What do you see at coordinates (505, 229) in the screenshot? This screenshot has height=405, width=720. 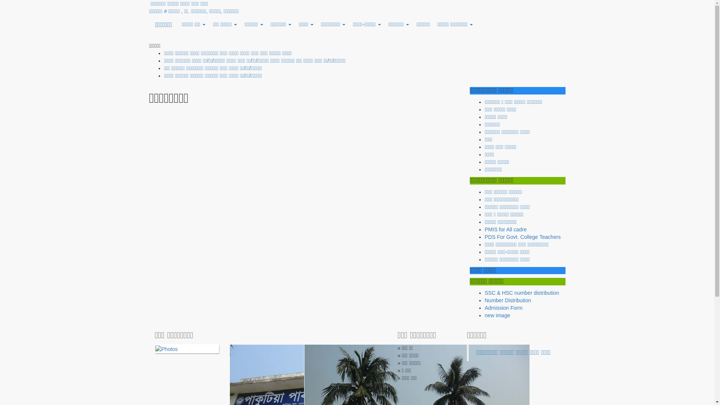 I see `'PMIS for All cadre'` at bounding box center [505, 229].